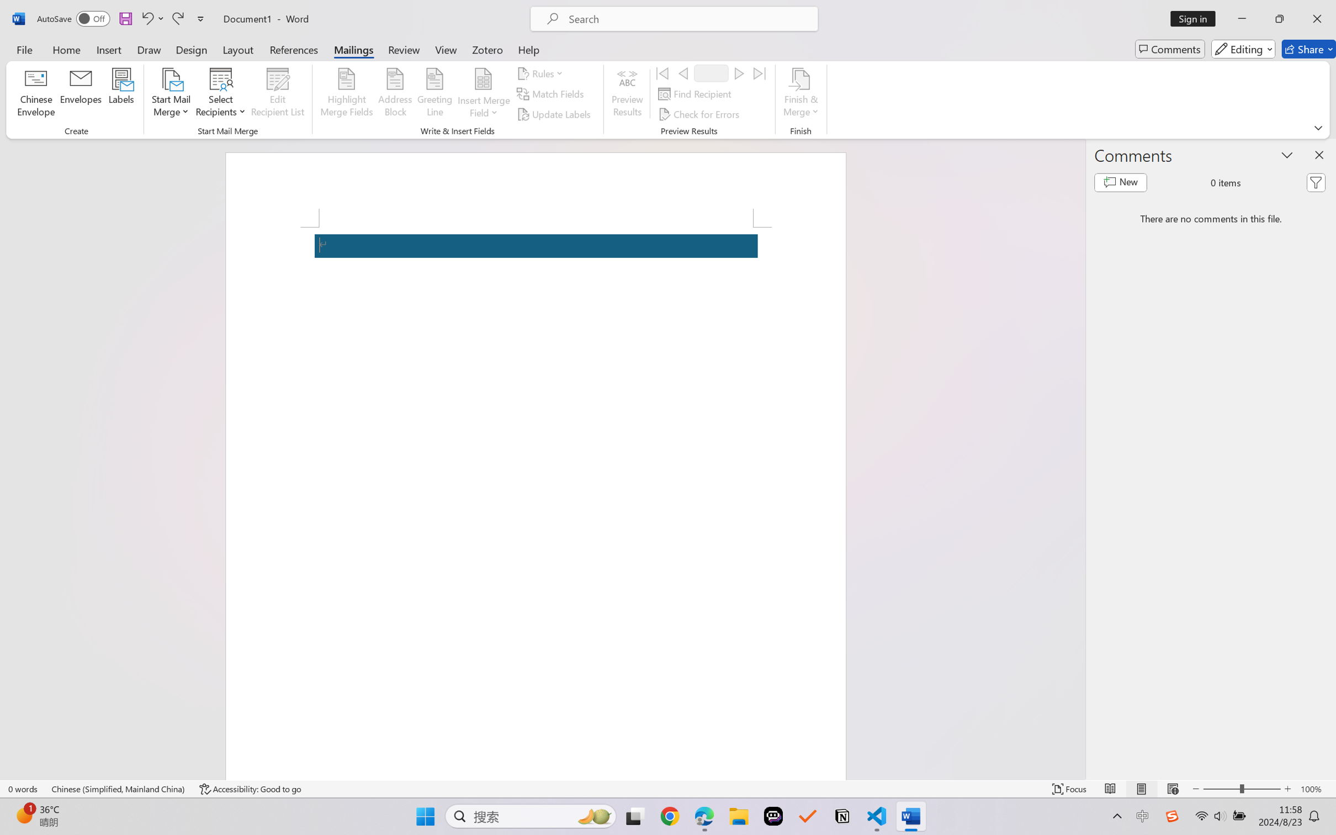 The image size is (1336, 835). I want to click on 'Match Fields...', so click(551, 94).